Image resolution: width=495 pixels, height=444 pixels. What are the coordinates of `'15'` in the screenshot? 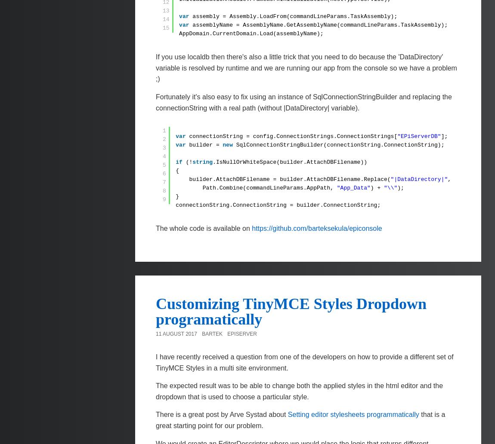 It's located at (166, 28).